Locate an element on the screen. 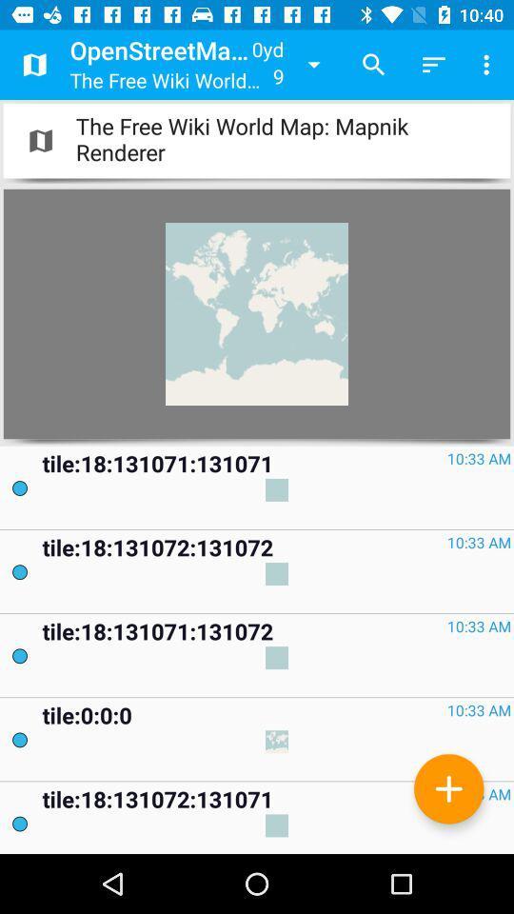  new map item is located at coordinates (448, 788).